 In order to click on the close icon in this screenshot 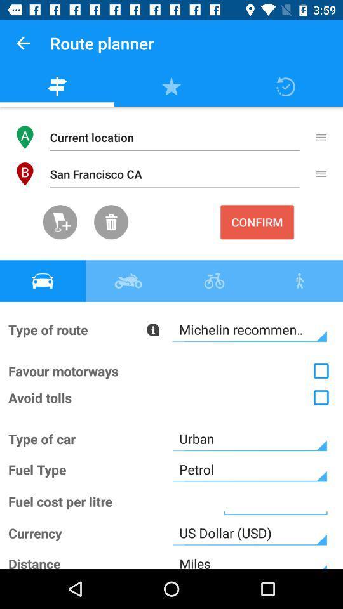, I will do `click(319, 300)`.